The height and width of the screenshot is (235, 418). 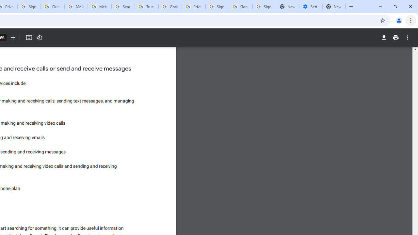 What do you see at coordinates (310, 7) in the screenshot?
I see `'Settings - Addresses and more'` at bounding box center [310, 7].